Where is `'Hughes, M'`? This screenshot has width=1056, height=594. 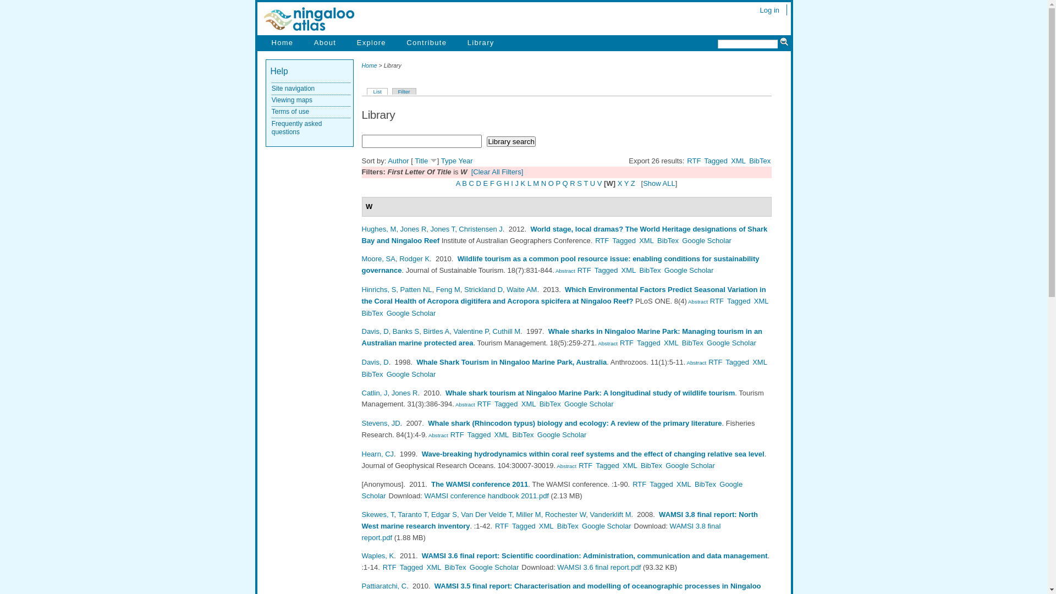
'Hughes, M' is located at coordinates (379, 228).